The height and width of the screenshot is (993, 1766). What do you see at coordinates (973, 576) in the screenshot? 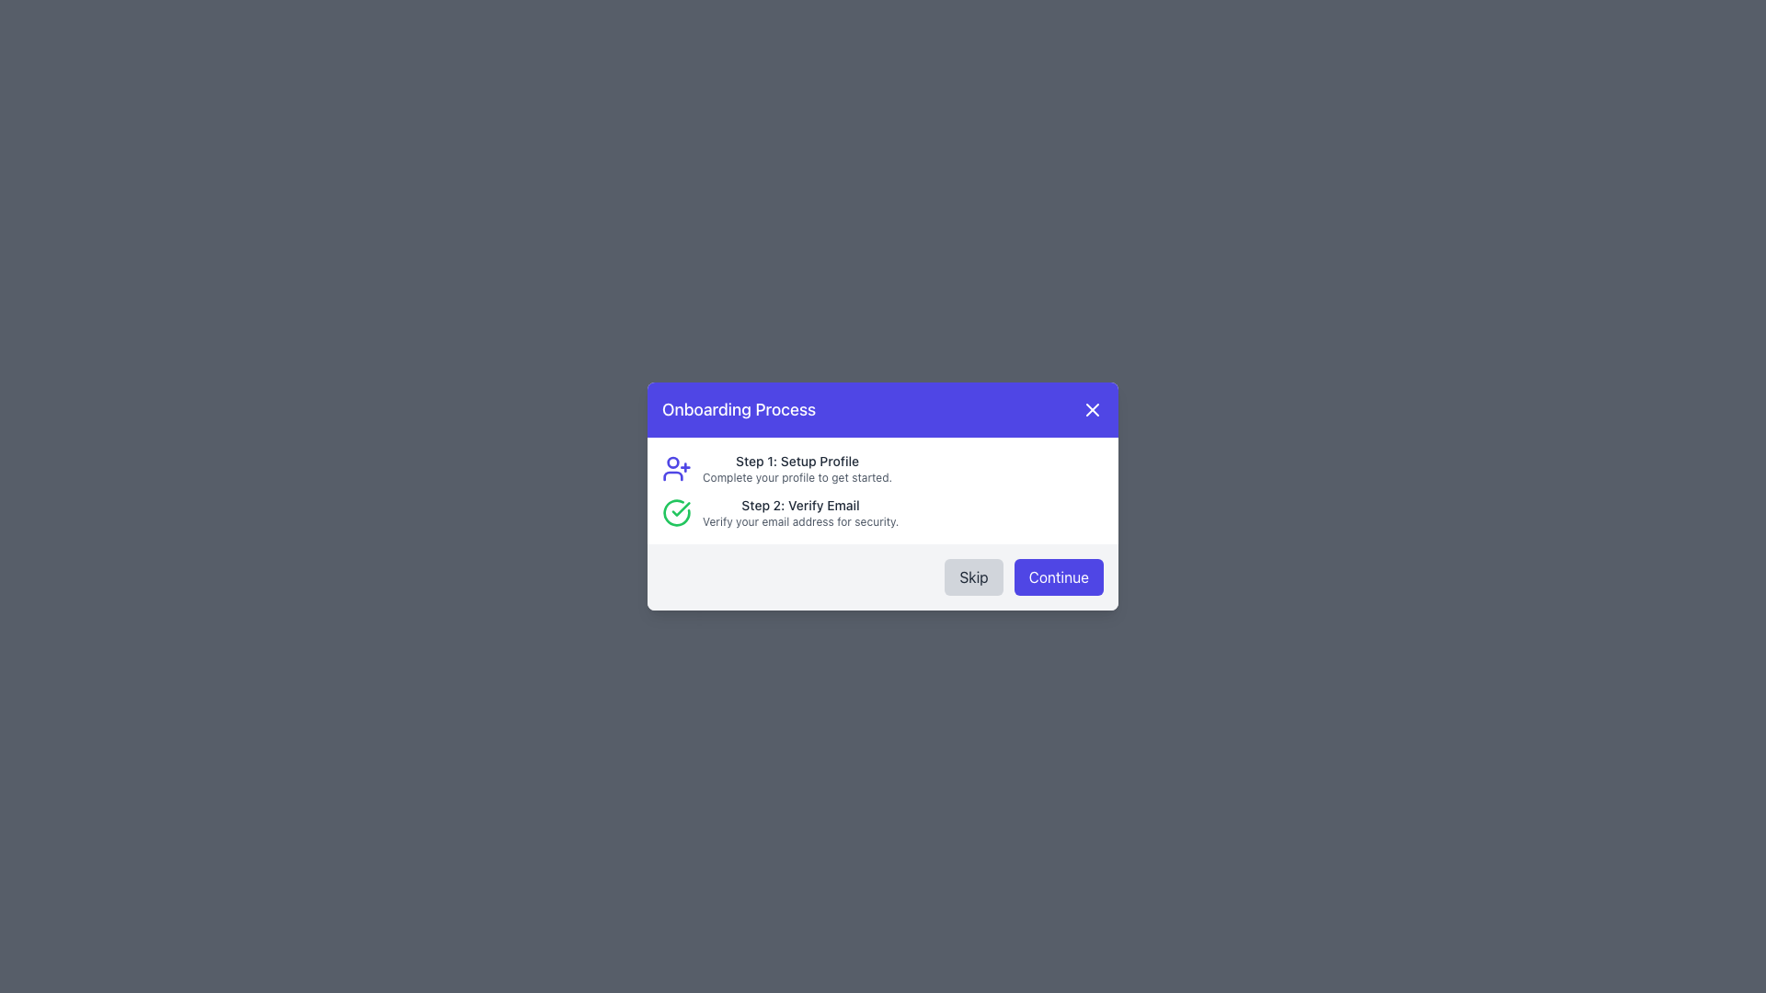
I see `the 'Skip' button, which is a rectangular button with dark gray text on a light gray background, located at the bottom-right corner of the modal dialog` at bounding box center [973, 576].